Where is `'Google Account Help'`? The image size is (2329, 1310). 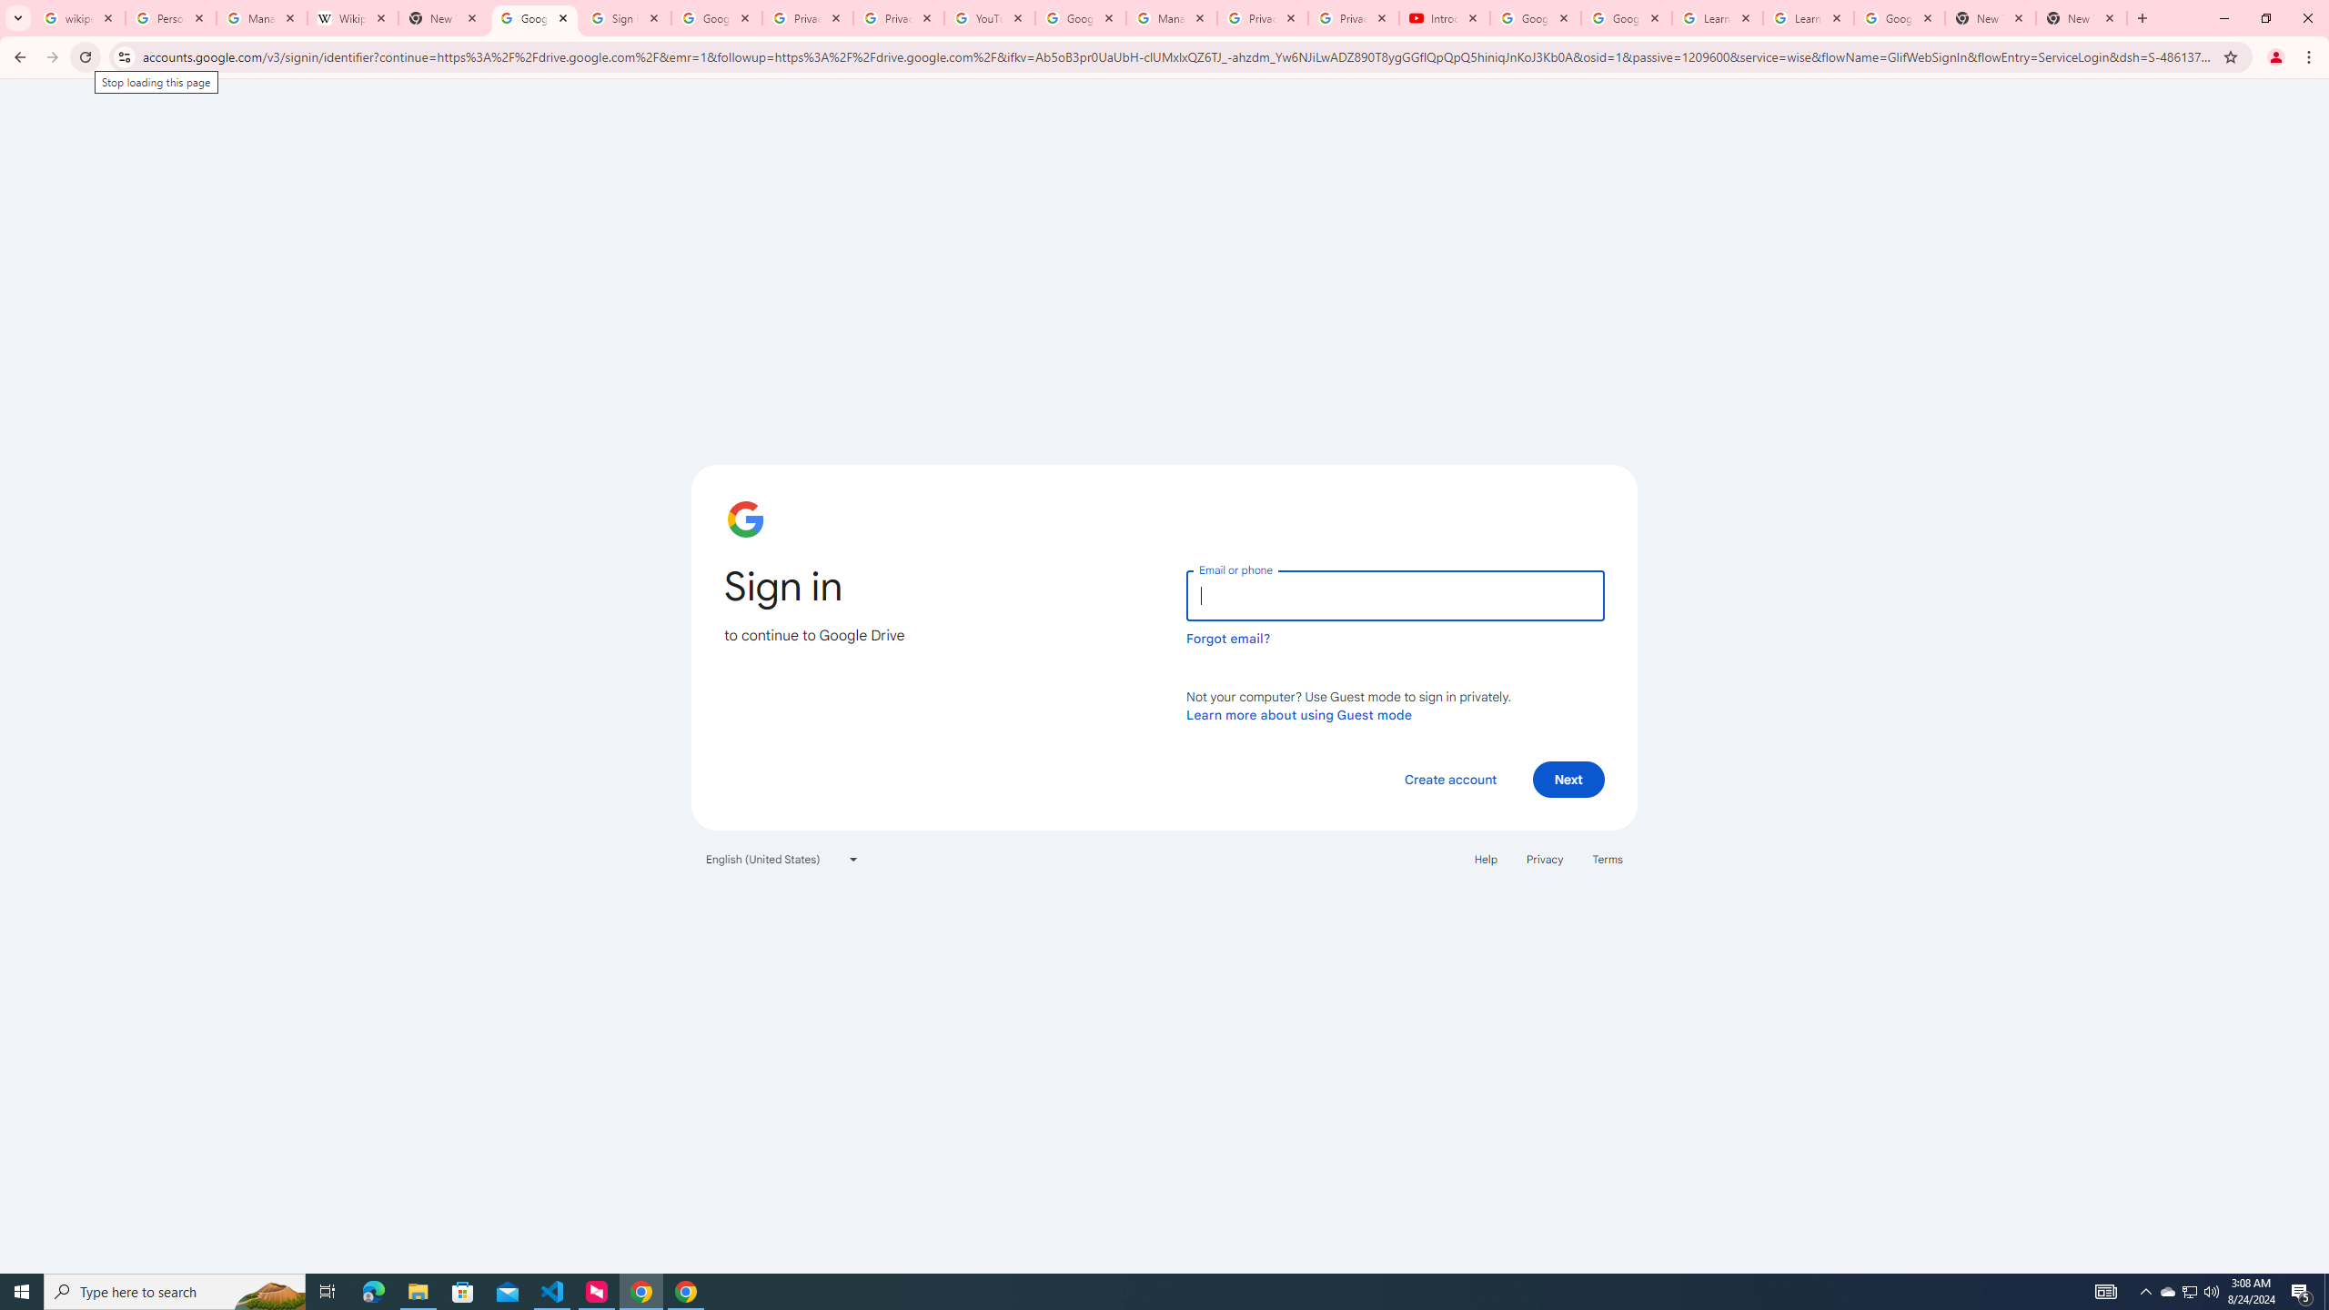
'Google Account Help' is located at coordinates (1535, 17).